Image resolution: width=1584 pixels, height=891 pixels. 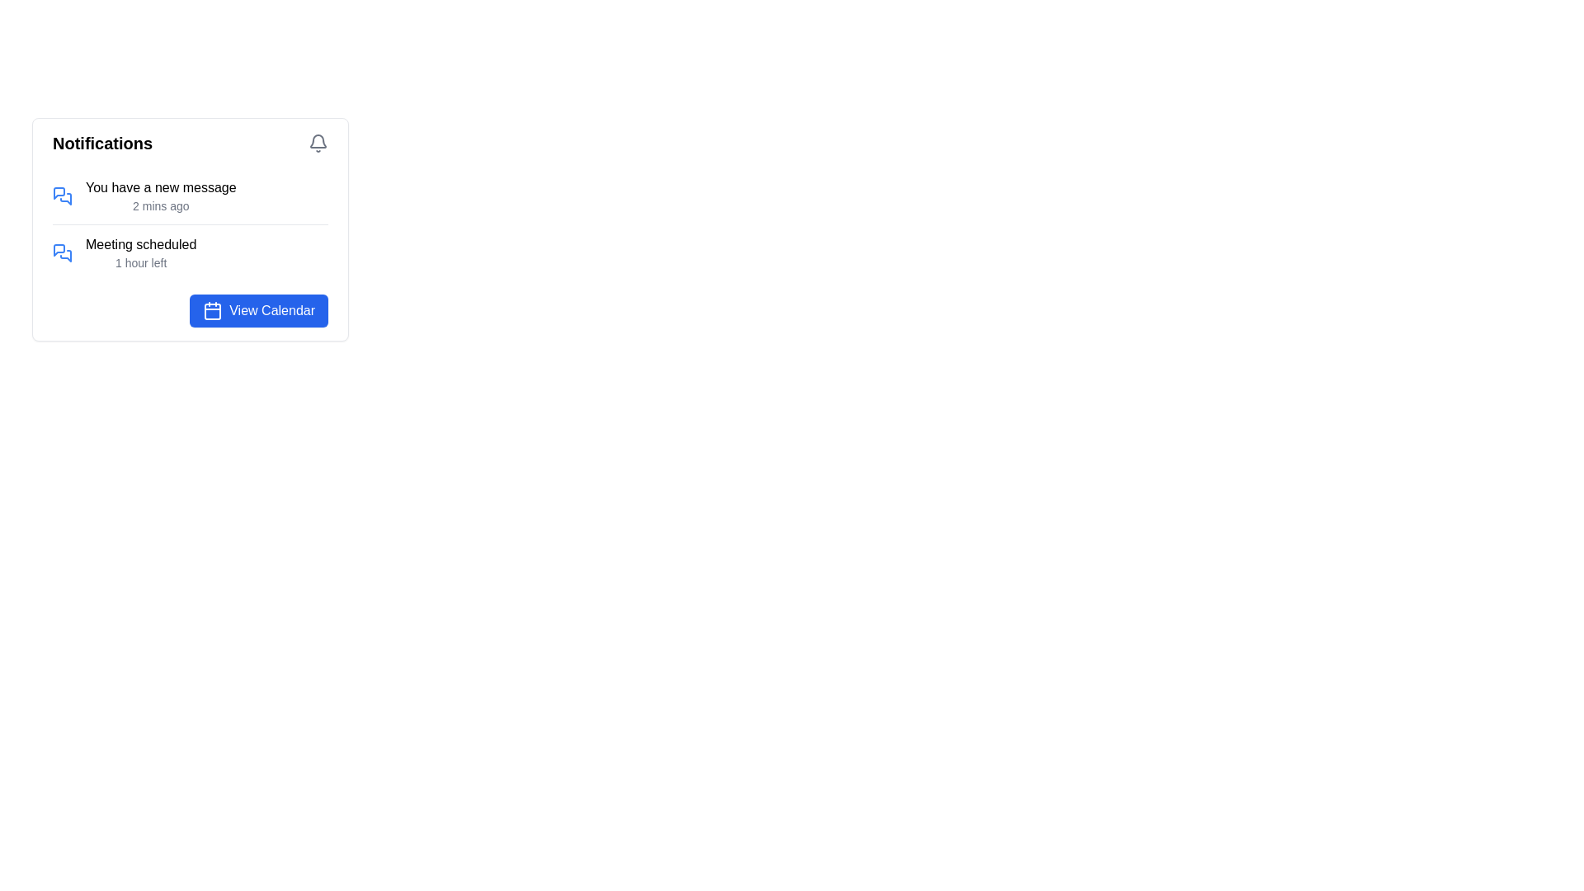 I want to click on the text content in the header area of the card, which includes a title and an icon aligned to the right, so click(x=190, y=142).